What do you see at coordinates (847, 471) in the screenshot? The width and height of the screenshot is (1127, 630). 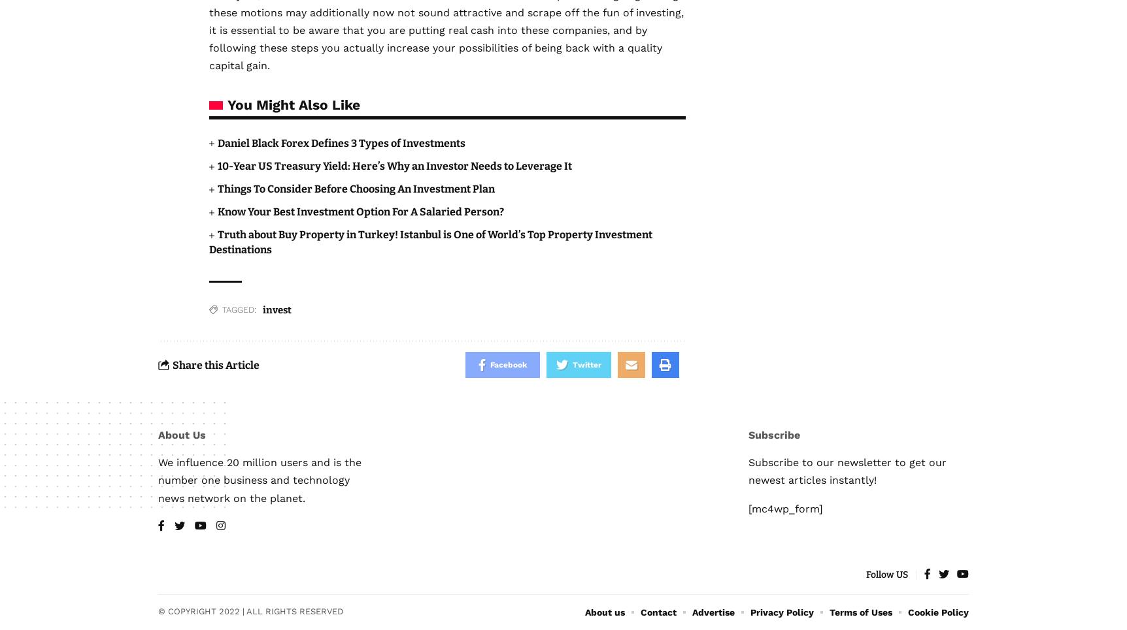 I see `'Subscribe to our newsletter to get our newest articles instantly!'` at bounding box center [847, 471].